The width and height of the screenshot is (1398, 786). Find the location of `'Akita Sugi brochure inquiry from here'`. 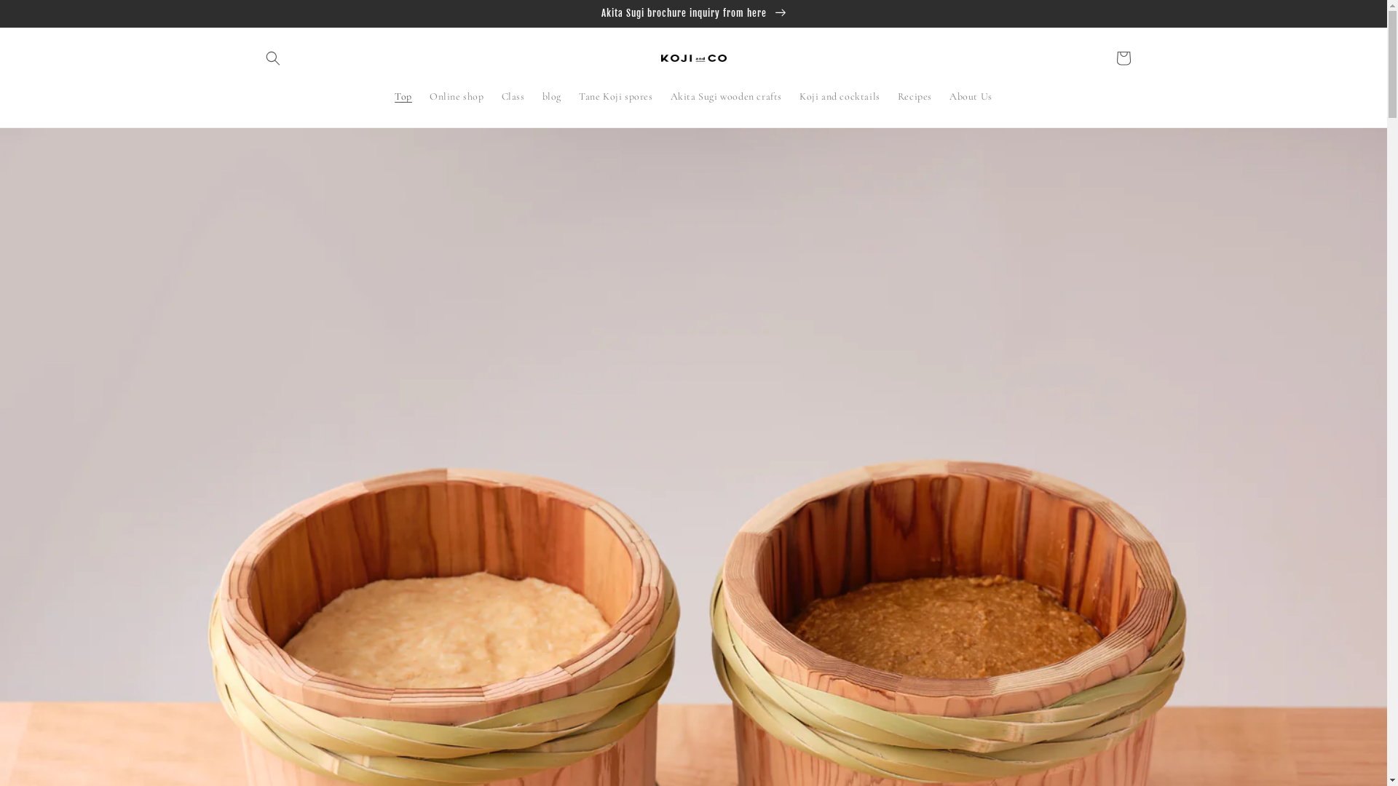

'Akita Sugi brochure inquiry from here' is located at coordinates (692, 13).